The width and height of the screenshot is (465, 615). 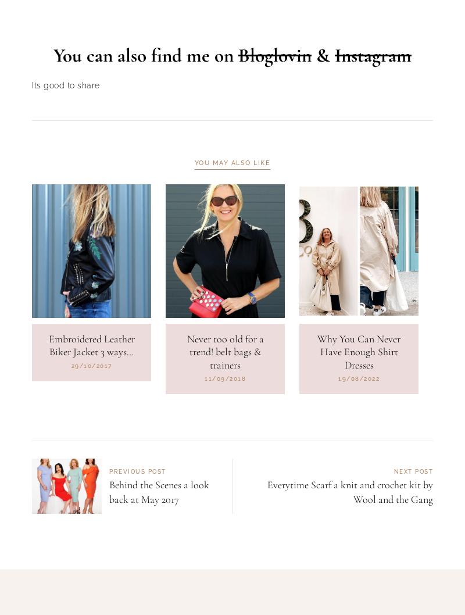 What do you see at coordinates (275, 115) in the screenshot?
I see `'Bloglovin'` at bounding box center [275, 115].